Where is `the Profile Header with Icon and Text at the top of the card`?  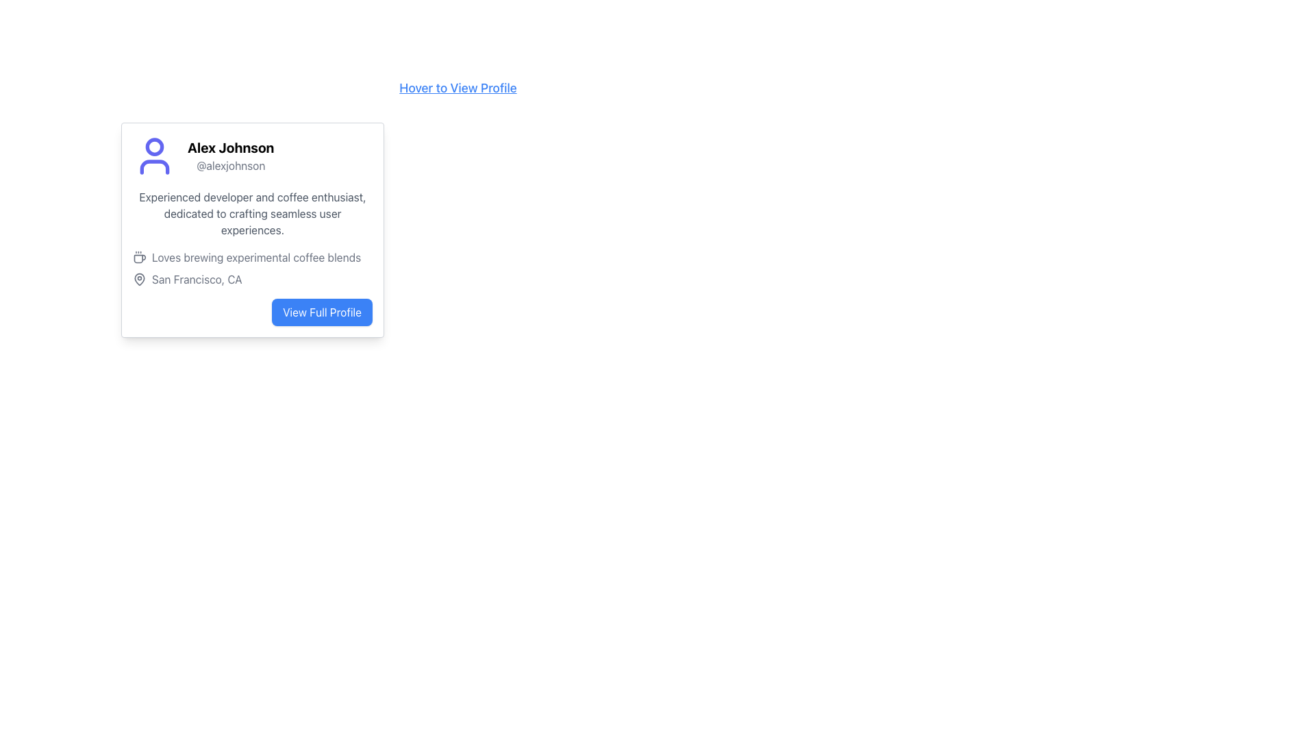 the Profile Header with Icon and Text at the top of the card is located at coordinates (253, 155).